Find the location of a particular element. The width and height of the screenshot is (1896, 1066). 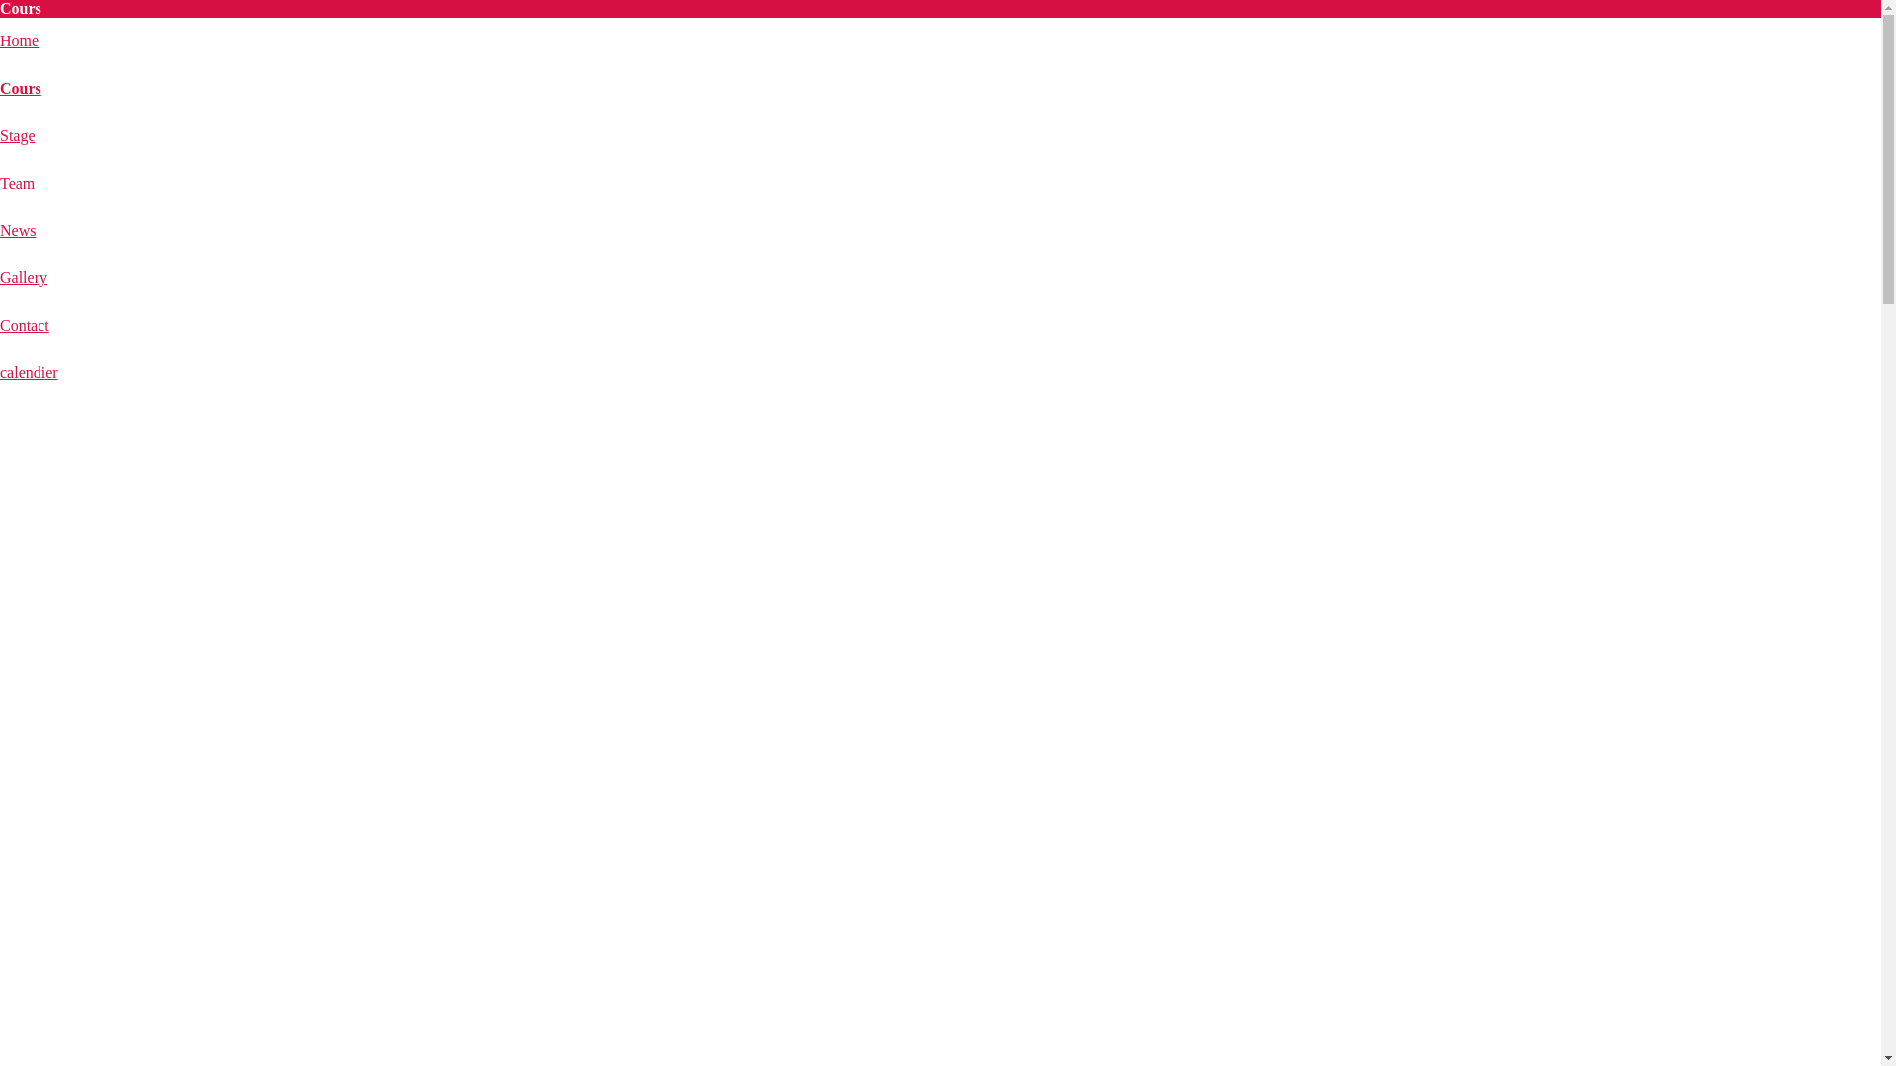

'News' is located at coordinates (18, 229).